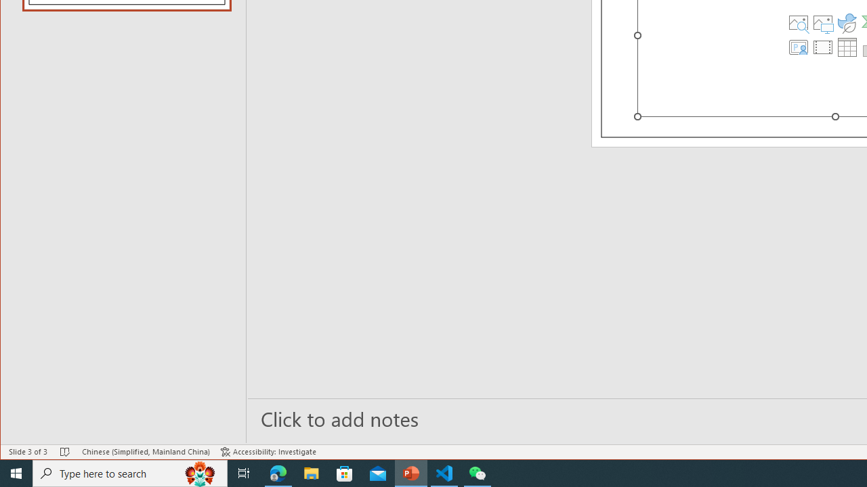 Image resolution: width=867 pixels, height=487 pixels. Describe the element at coordinates (847, 22) in the screenshot. I see `'Insert an Icon'` at that location.